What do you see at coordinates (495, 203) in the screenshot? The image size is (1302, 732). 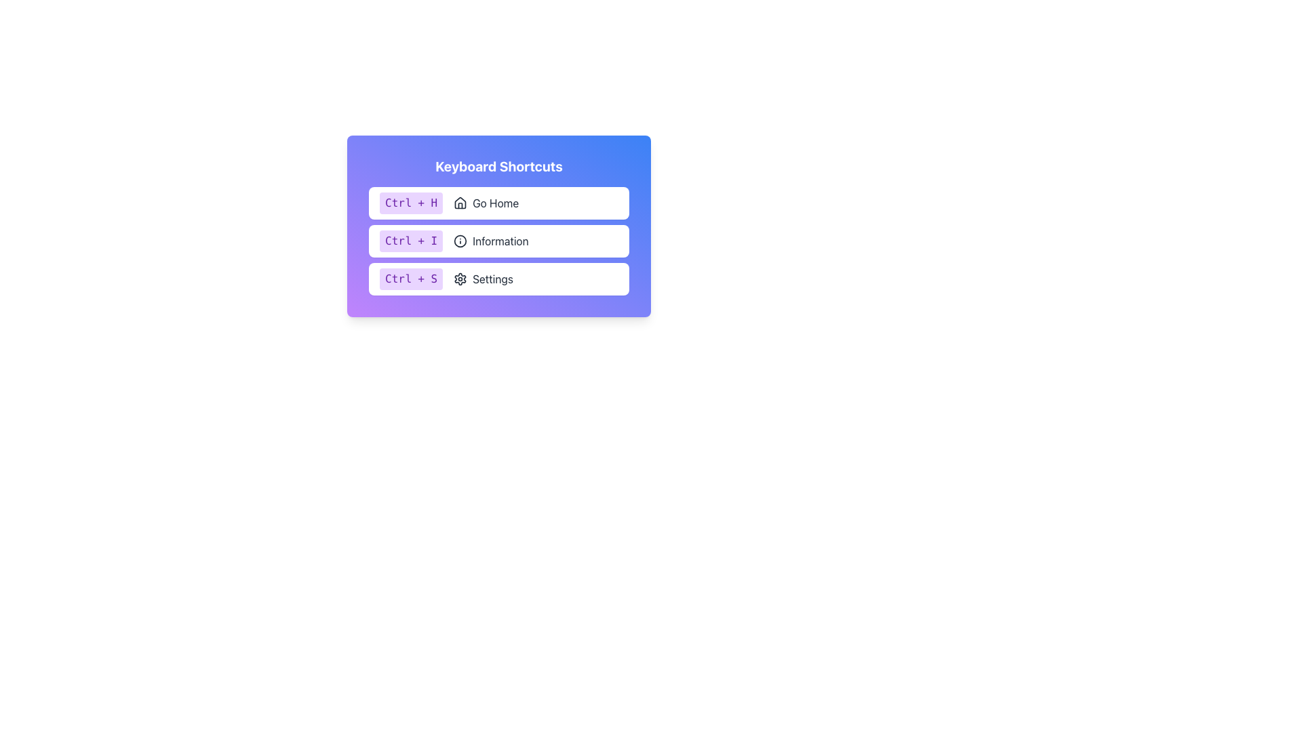 I see `the text label 'Go Home' which indicates the keyboard shortcut 'Ctrl + H' for navigating home` at bounding box center [495, 203].